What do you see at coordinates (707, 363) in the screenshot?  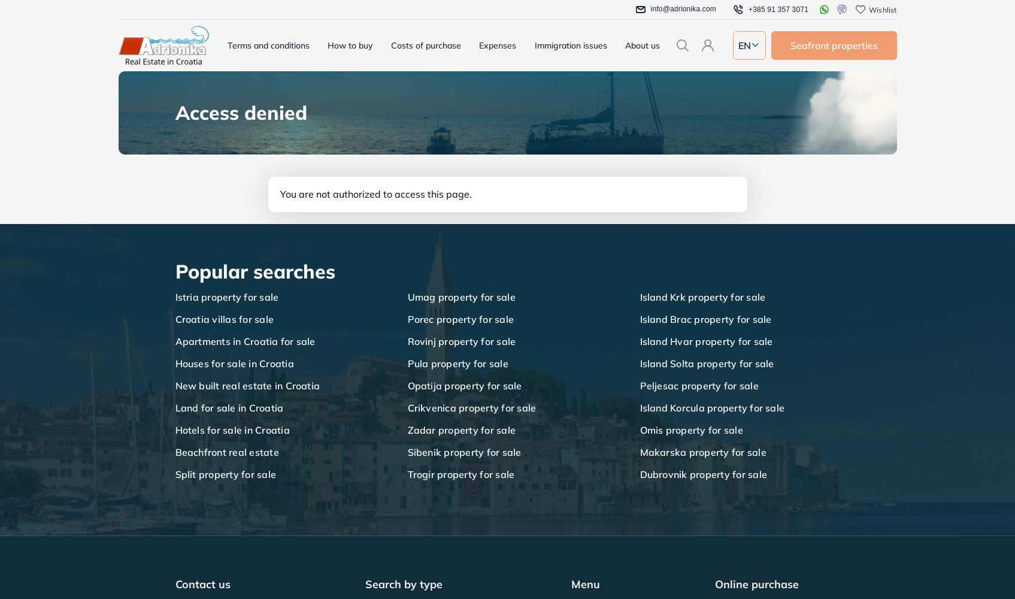 I see `'Island Solta property for sale'` at bounding box center [707, 363].